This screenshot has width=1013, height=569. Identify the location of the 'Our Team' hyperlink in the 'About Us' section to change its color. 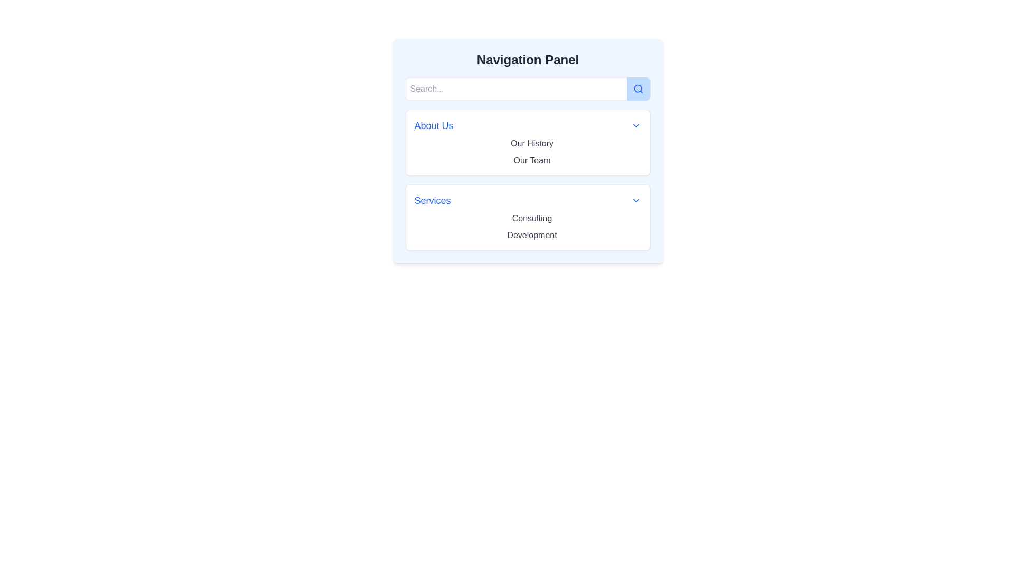
(532, 160).